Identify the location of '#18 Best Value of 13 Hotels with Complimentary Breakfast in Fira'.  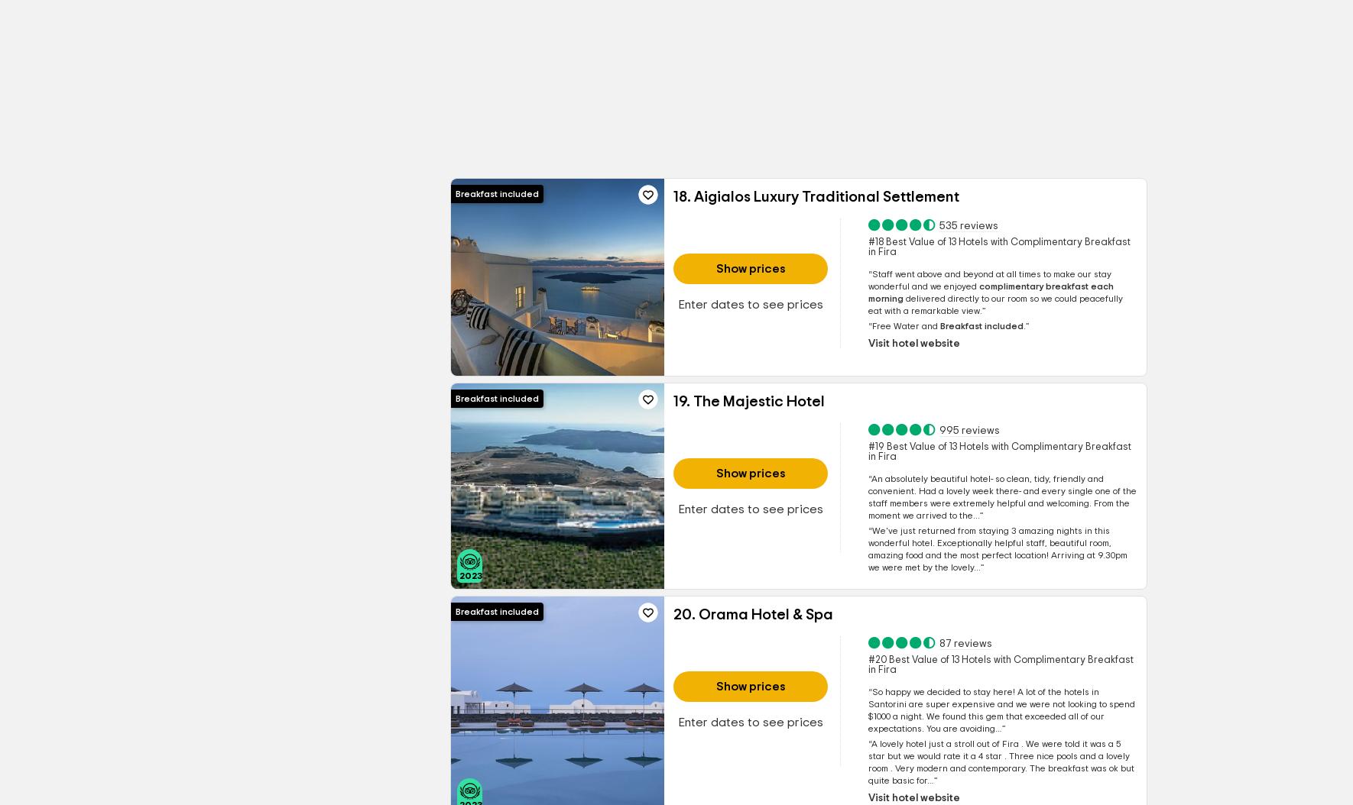
(867, 247).